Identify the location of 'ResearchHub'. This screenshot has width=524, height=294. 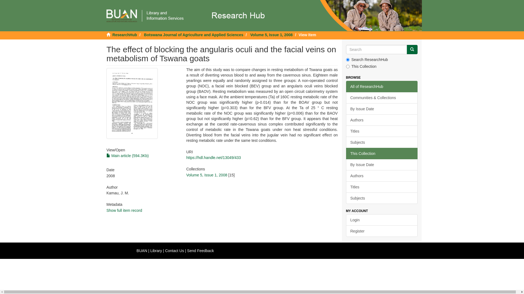
(124, 35).